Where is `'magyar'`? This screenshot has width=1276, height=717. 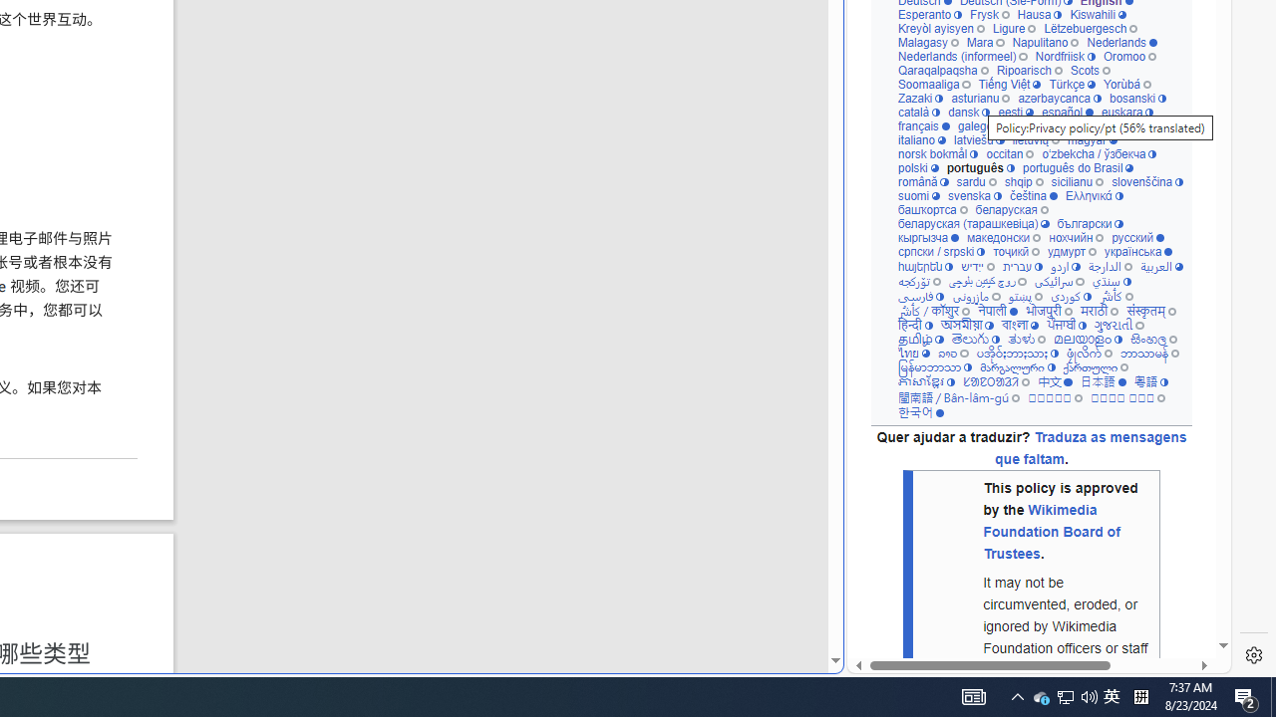 'magyar' is located at coordinates (1091, 138).